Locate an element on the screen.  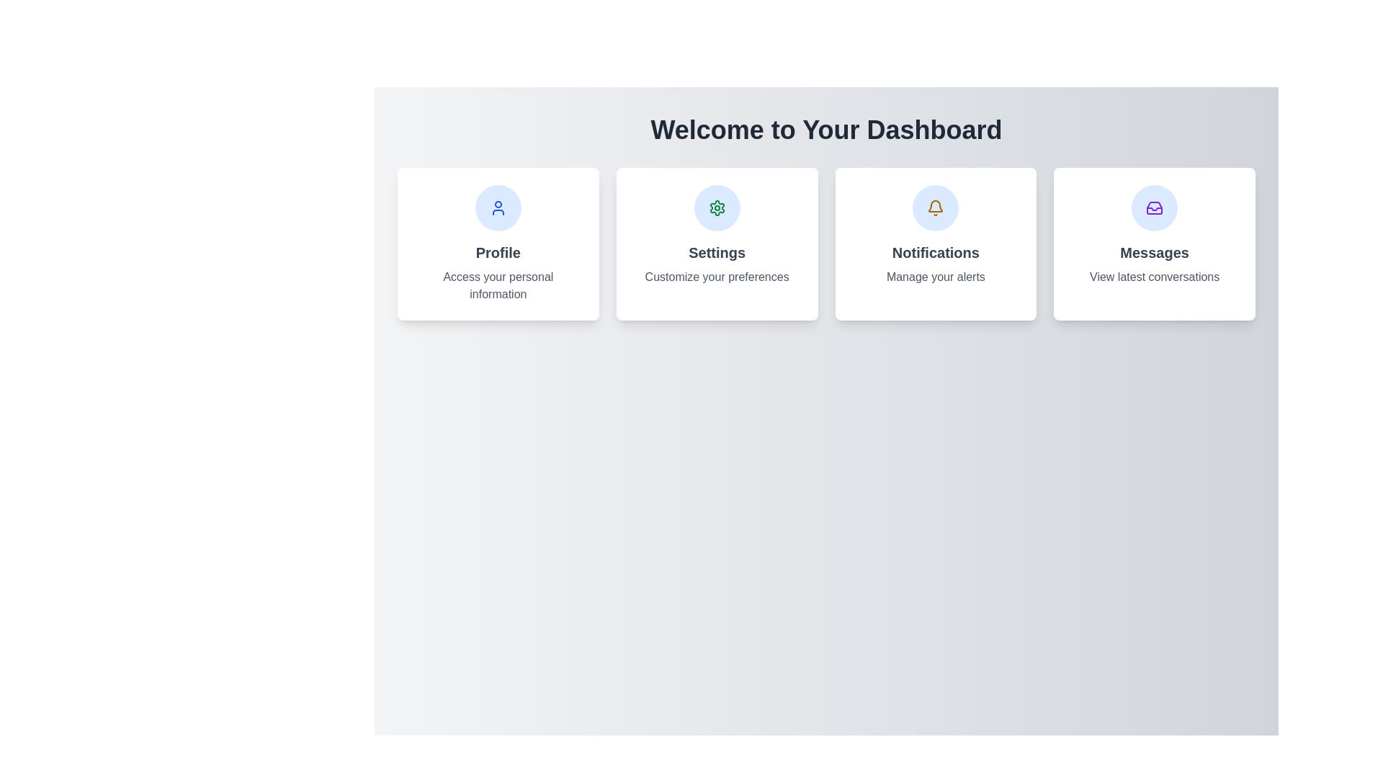
prominent bold text label 'Notifications' displayed in dark gray at the top center of the card, above 'Manage your alerts' is located at coordinates (936, 252).